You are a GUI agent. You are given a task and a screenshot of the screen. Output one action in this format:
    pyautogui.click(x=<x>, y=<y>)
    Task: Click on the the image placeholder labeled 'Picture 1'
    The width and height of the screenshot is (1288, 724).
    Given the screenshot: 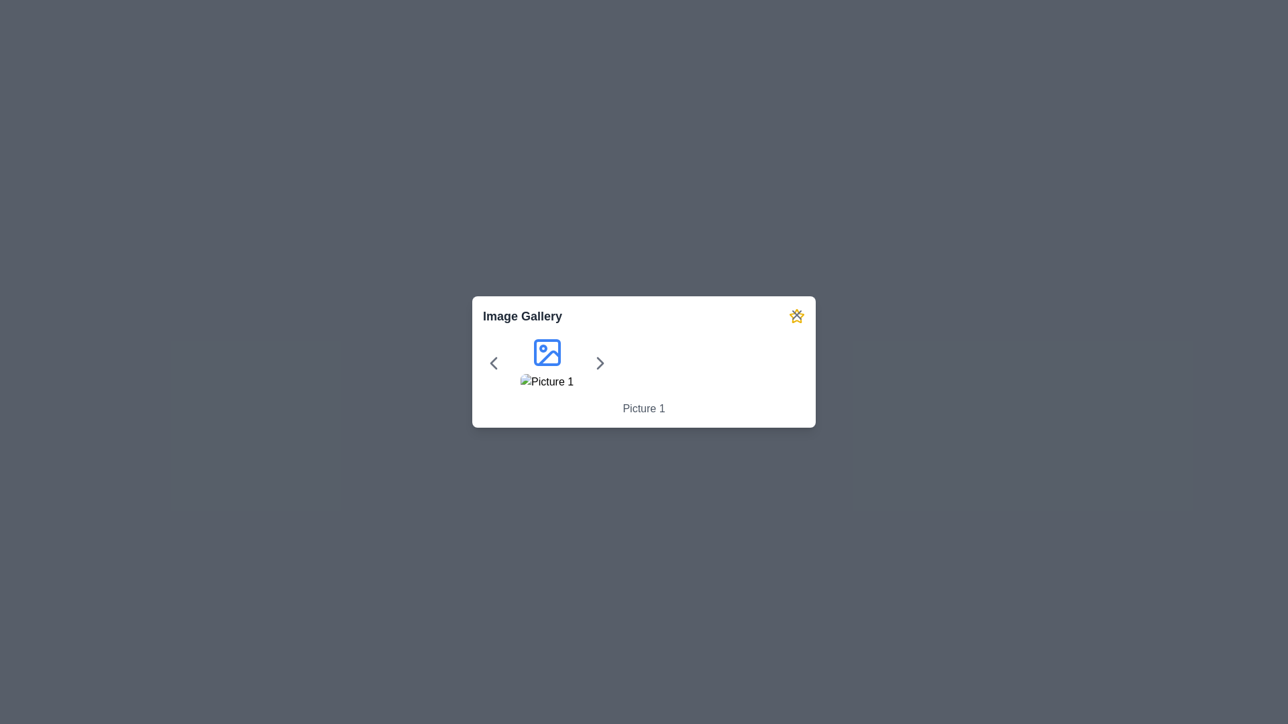 What is the action you would take?
    pyautogui.click(x=547, y=363)
    